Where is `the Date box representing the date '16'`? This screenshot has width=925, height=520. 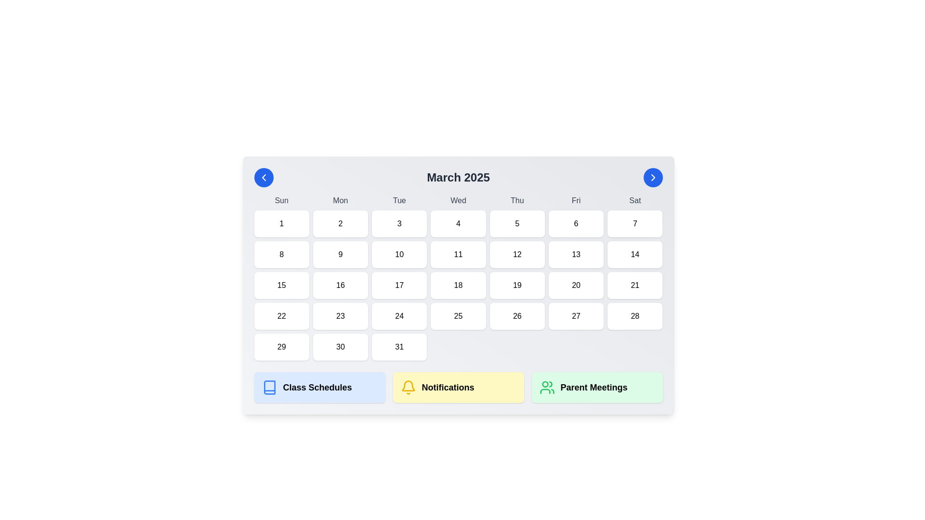 the Date box representing the date '16' is located at coordinates (340, 285).